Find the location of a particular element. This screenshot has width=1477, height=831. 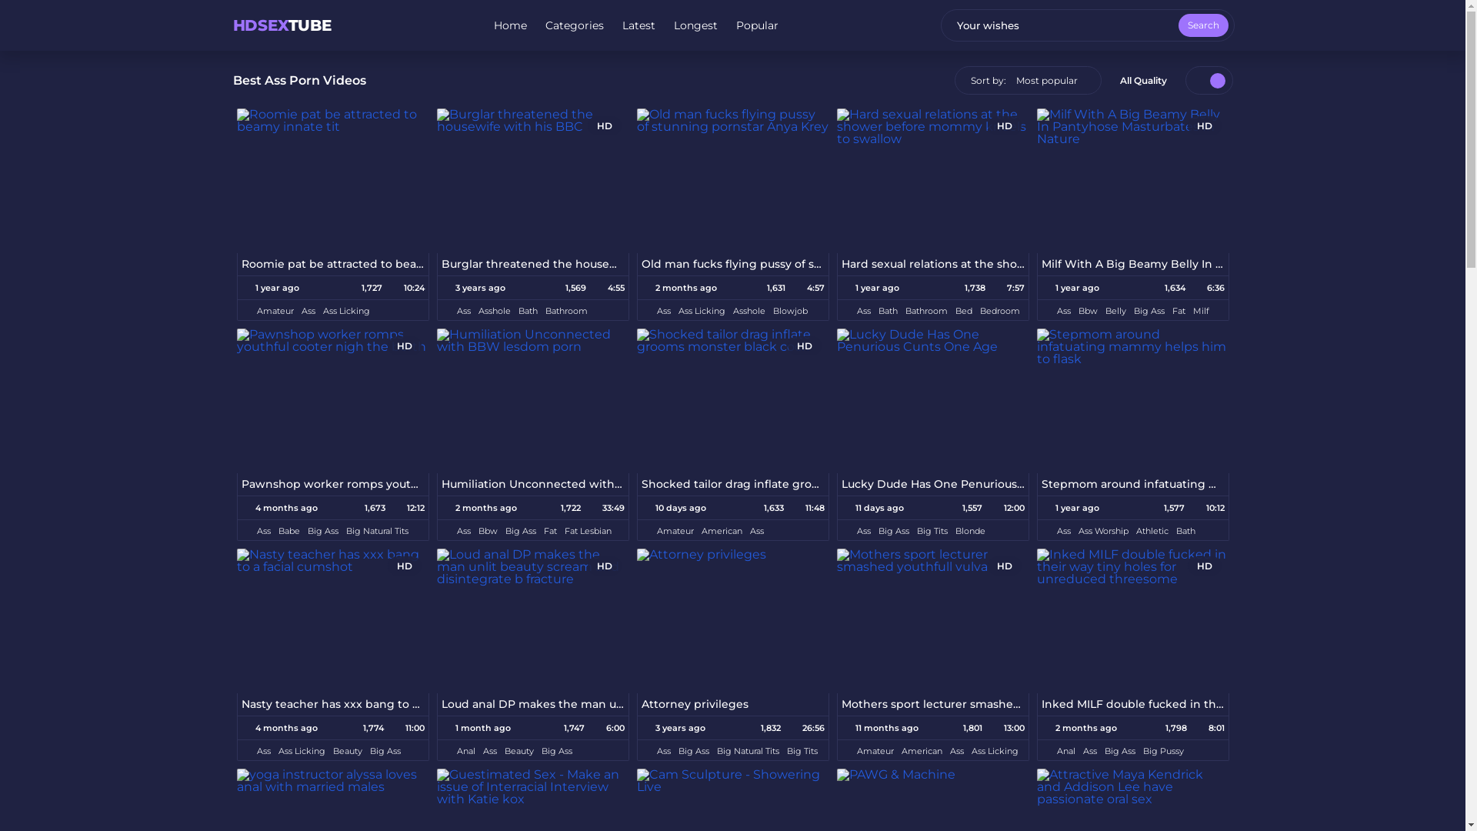

'Big Tits' is located at coordinates (932, 530).